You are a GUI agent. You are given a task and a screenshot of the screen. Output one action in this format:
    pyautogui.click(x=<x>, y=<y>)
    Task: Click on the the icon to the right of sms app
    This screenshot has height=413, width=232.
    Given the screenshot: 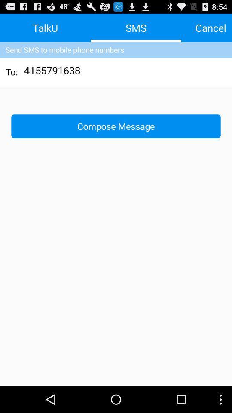 What is the action you would take?
    pyautogui.click(x=210, y=28)
    